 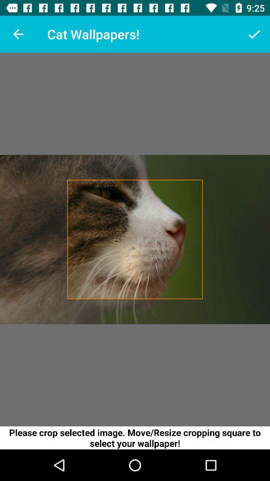 I want to click on the item at the top left corner, so click(x=18, y=34).